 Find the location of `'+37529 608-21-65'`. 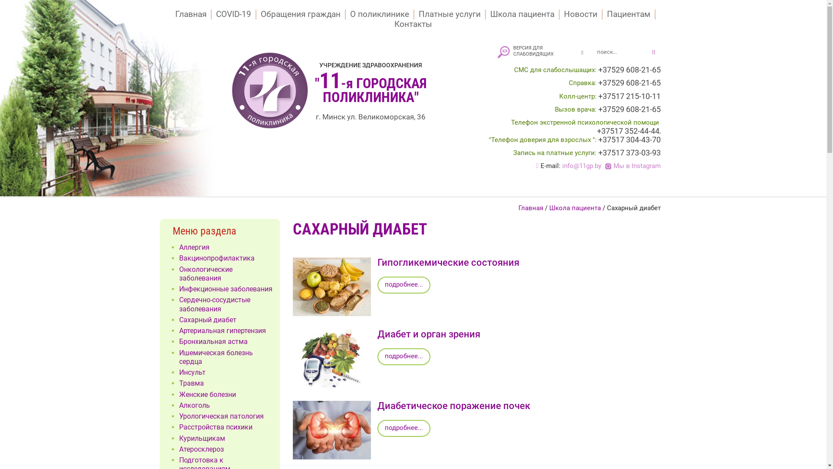

'+37529 608-21-65' is located at coordinates (629, 69).